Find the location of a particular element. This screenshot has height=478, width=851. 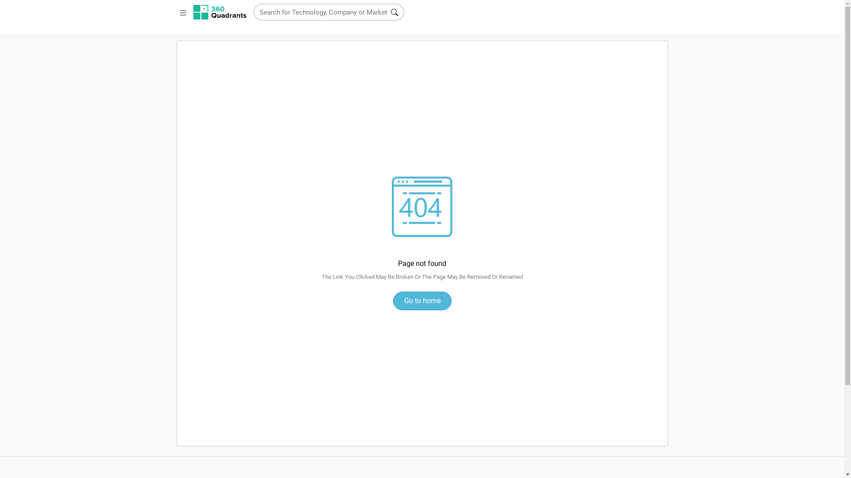

'Go to home' is located at coordinates (421, 300).